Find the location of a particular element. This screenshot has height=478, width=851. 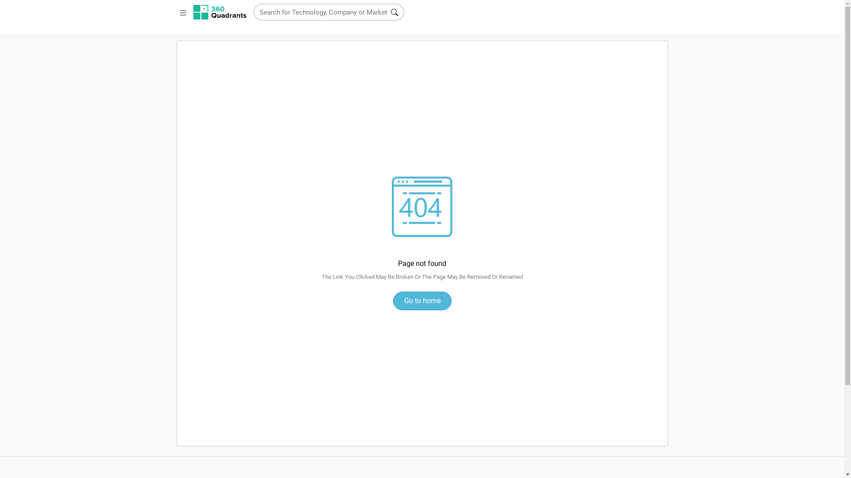

'Go to home' is located at coordinates (421, 300).